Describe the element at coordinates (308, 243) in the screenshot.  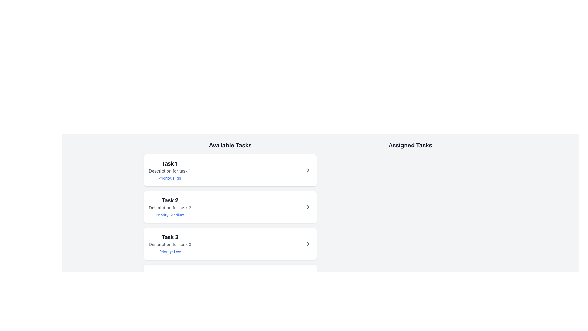
I see `the chevron button-like icon located on the far right of the task card labeled 'Task 3' in the 'Available Tasks' section` at that location.